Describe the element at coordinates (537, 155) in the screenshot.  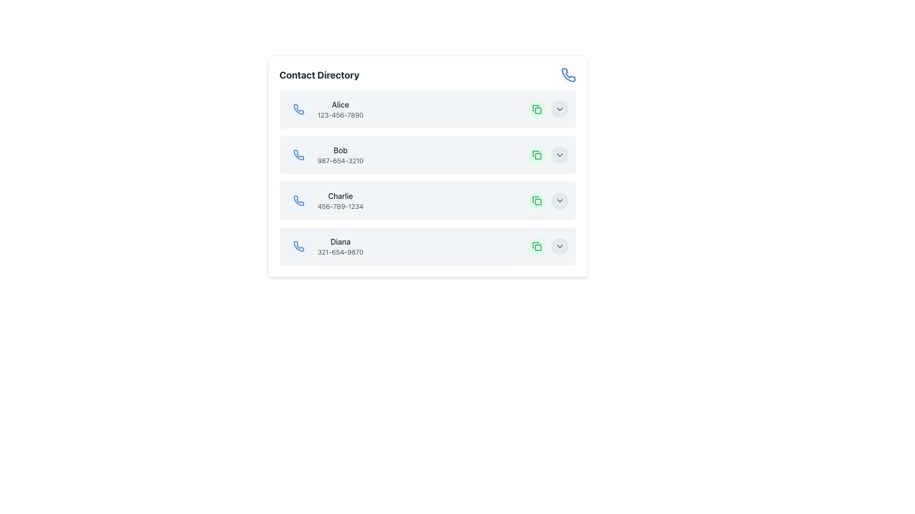
I see `the copy button for the contact entry labeled 'Bob' located in the second row of the contact directory list to copy the associated information to the clipboard` at that location.